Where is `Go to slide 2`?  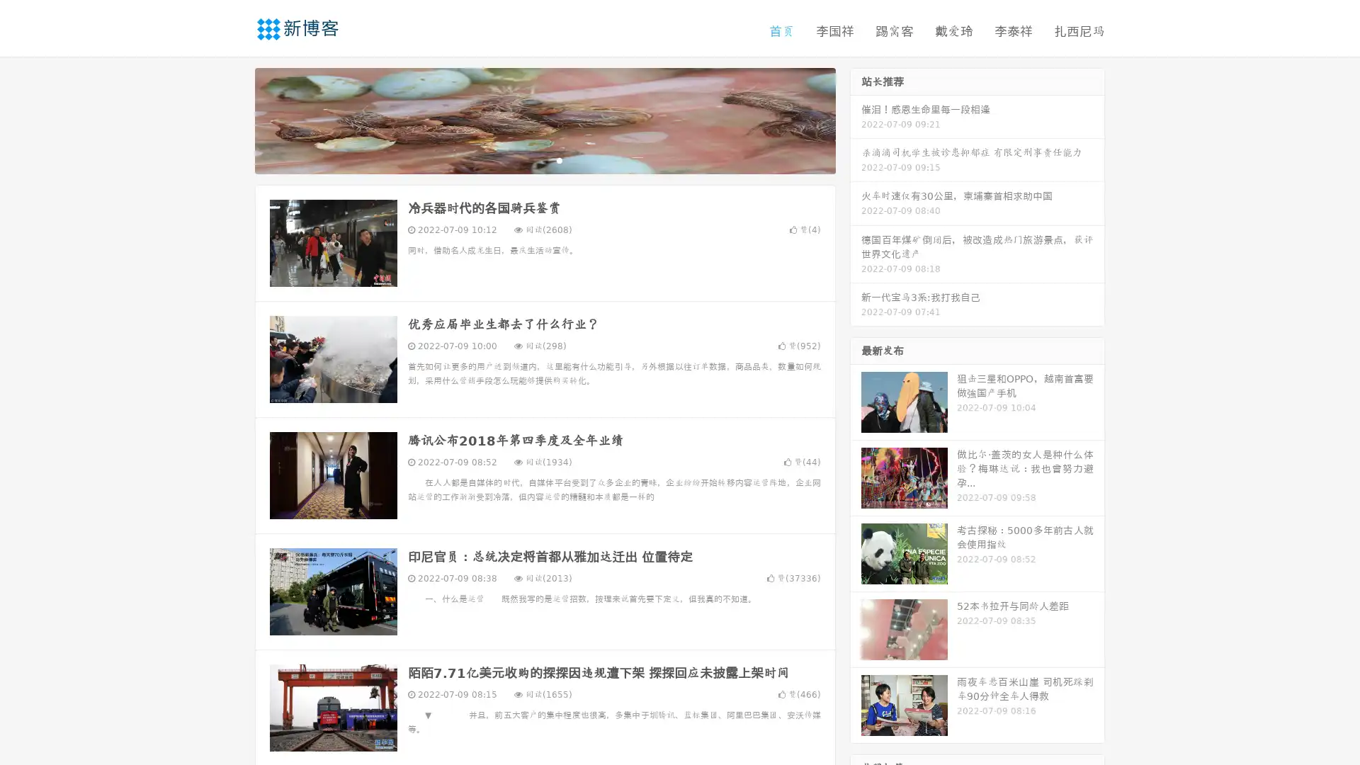 Go to slide 2 is located at coordinates (544, 159).